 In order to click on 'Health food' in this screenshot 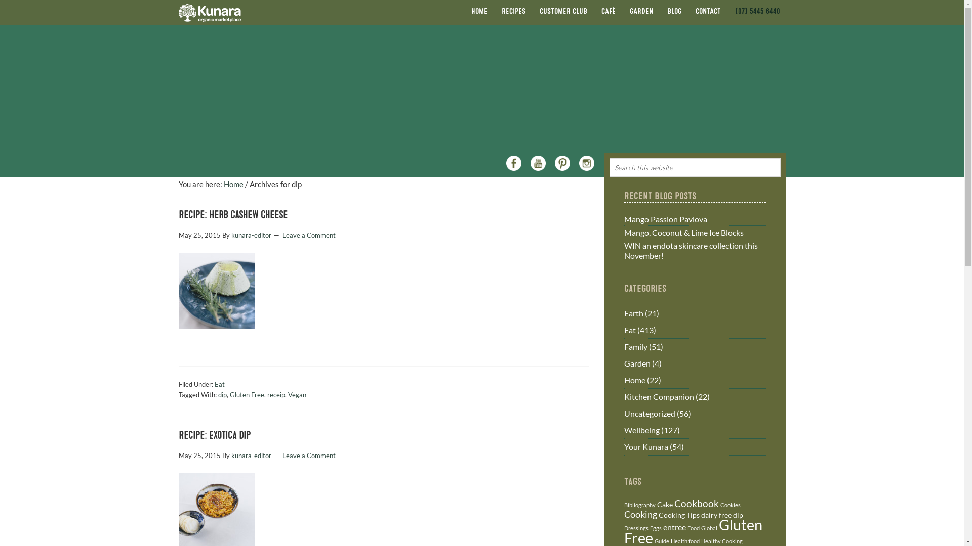, I will do `click(684, 540)`.